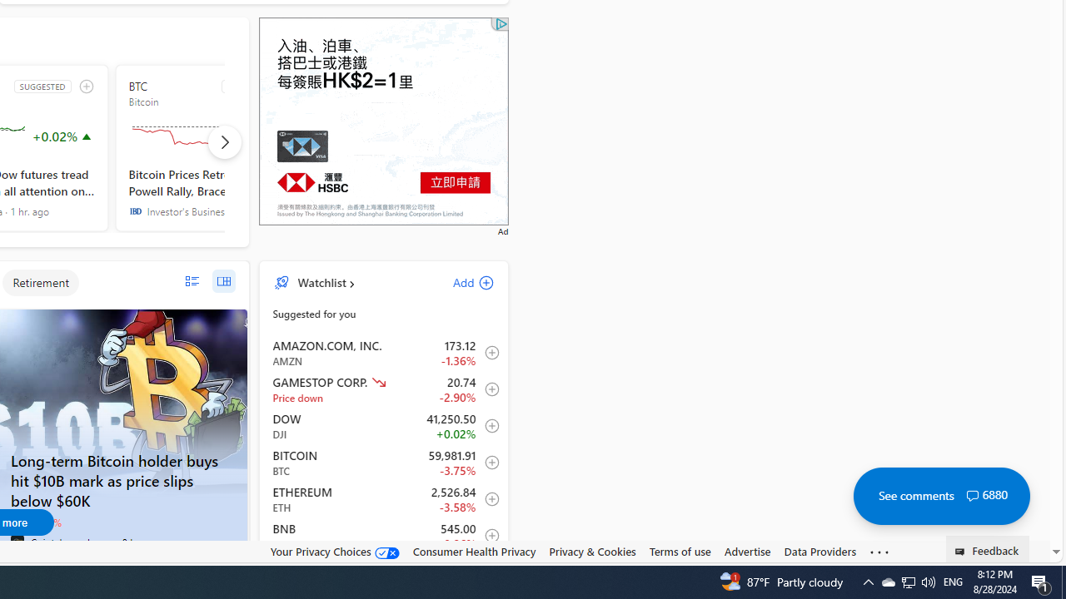  I want to click on 'BTC SUGGESTED Bitcoin', so click(214, 147).